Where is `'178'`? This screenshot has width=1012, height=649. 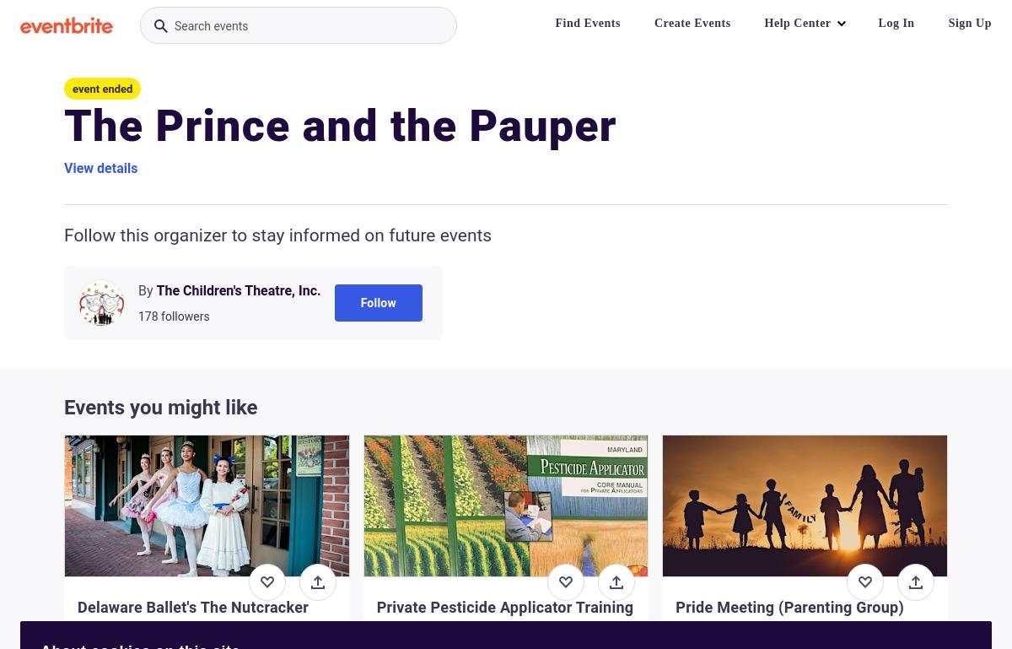
'178' is located at coordinates (147, 315).